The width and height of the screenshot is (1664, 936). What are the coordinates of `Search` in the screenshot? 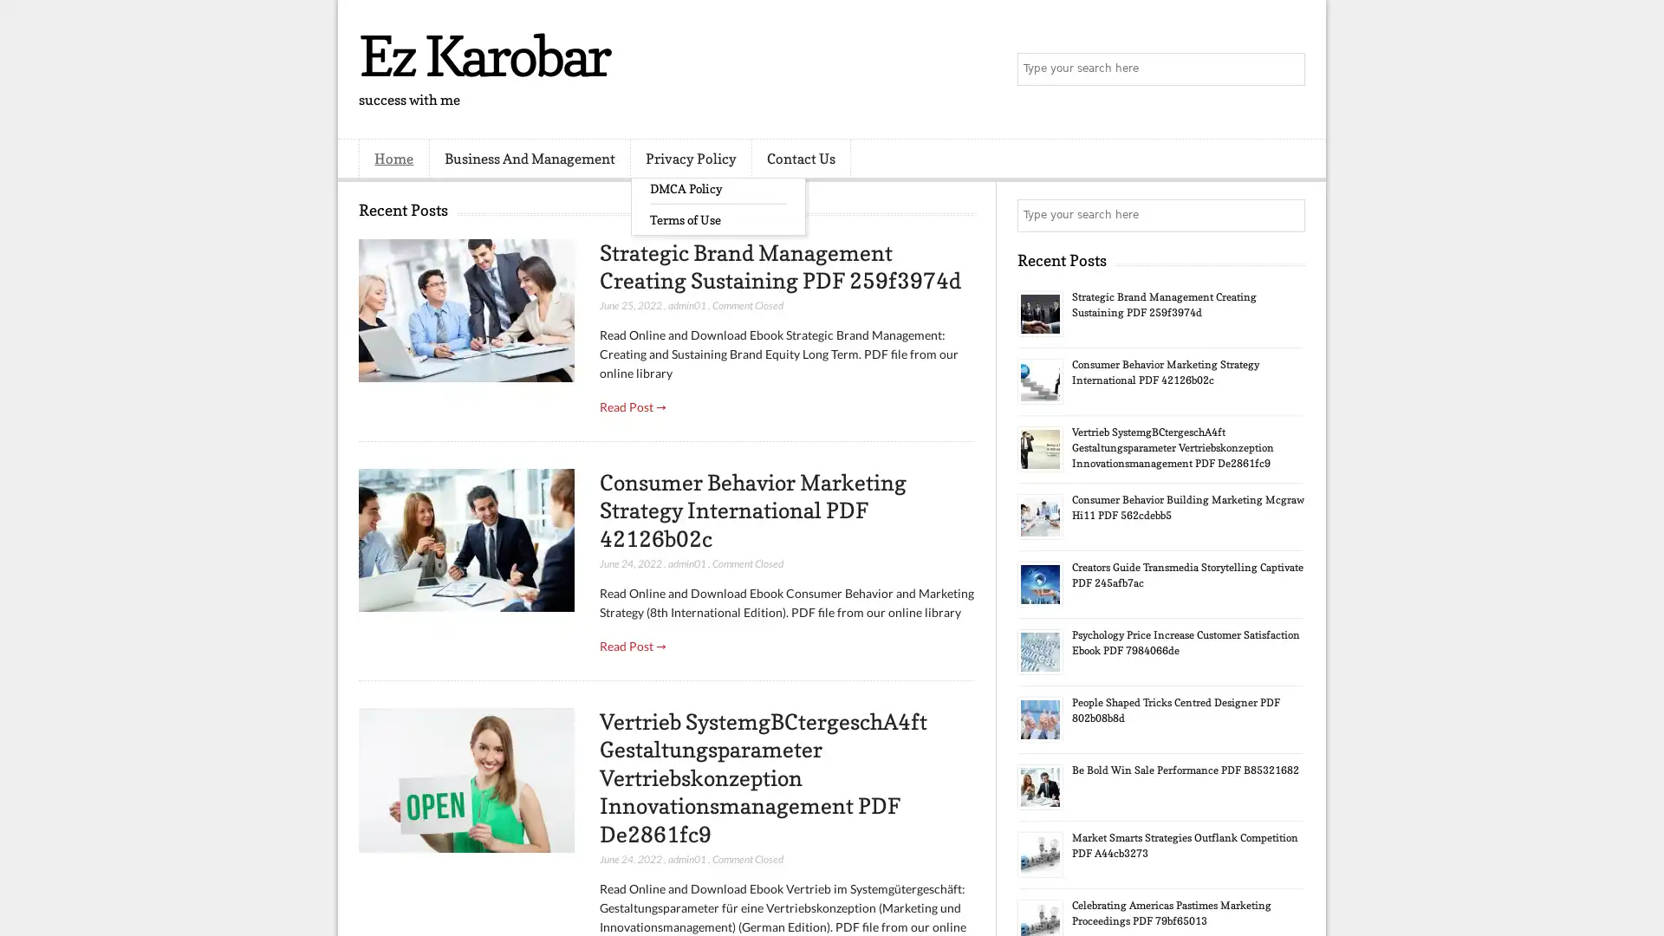 It's located at (1287, 215).